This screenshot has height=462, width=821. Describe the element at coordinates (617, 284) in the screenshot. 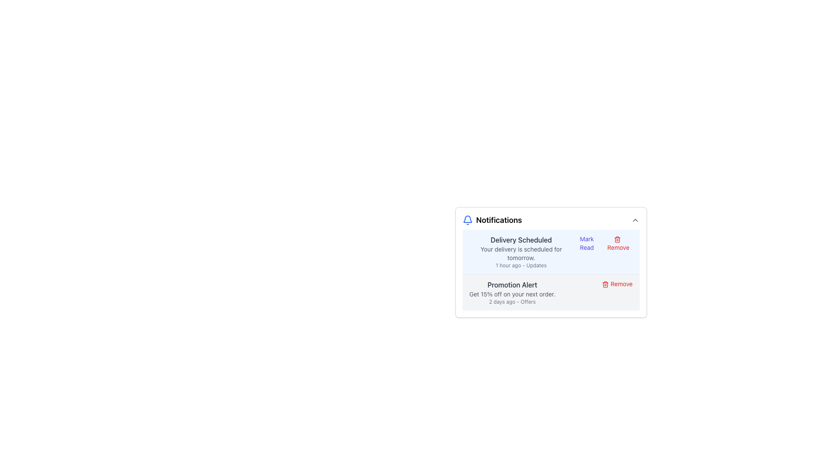

I see `the button with an icon and text combination that removes the 'Promotion Alert' notification from the list` at that location.